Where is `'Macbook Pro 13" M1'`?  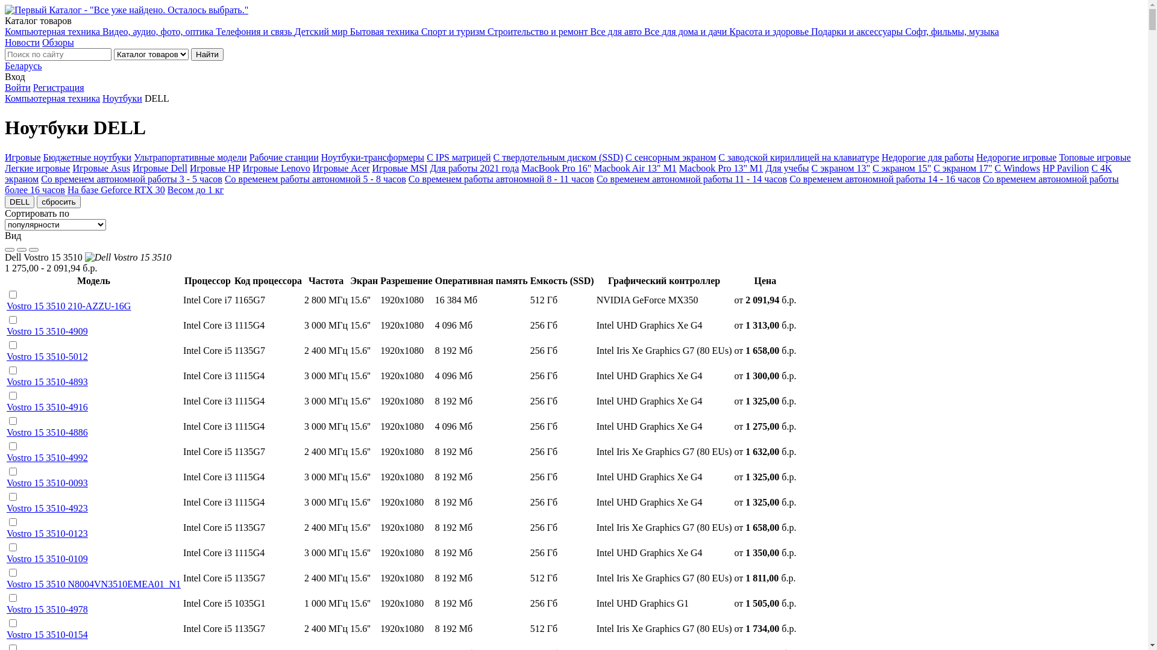
'Macbook Pro 13" M1' is located at coordinates (721, 168).